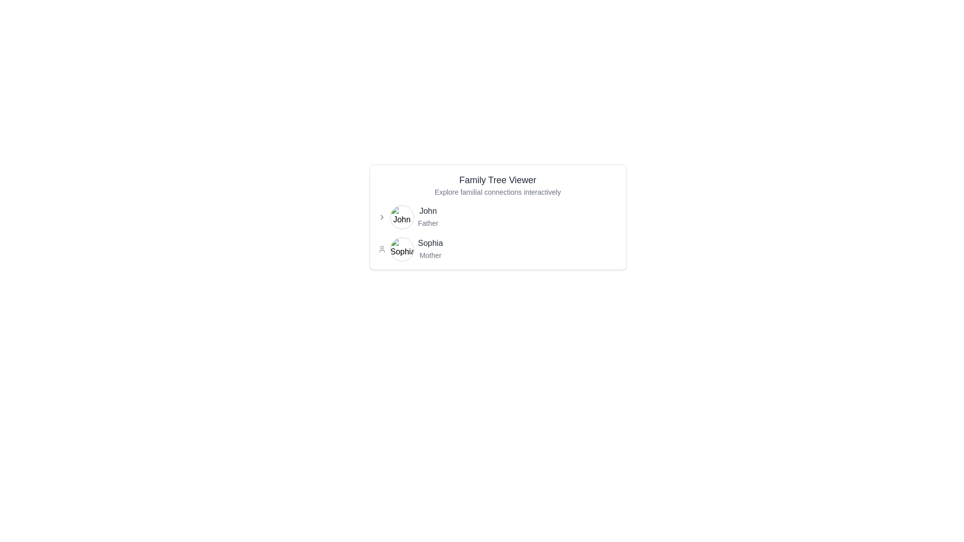  Describe the element at coordinates (428, 222) in the screenshot. I see `the text label indicating 'Father' for the individual 'John', which is positioned directly below the name 'John' in the center-right region of the interface` at that location.